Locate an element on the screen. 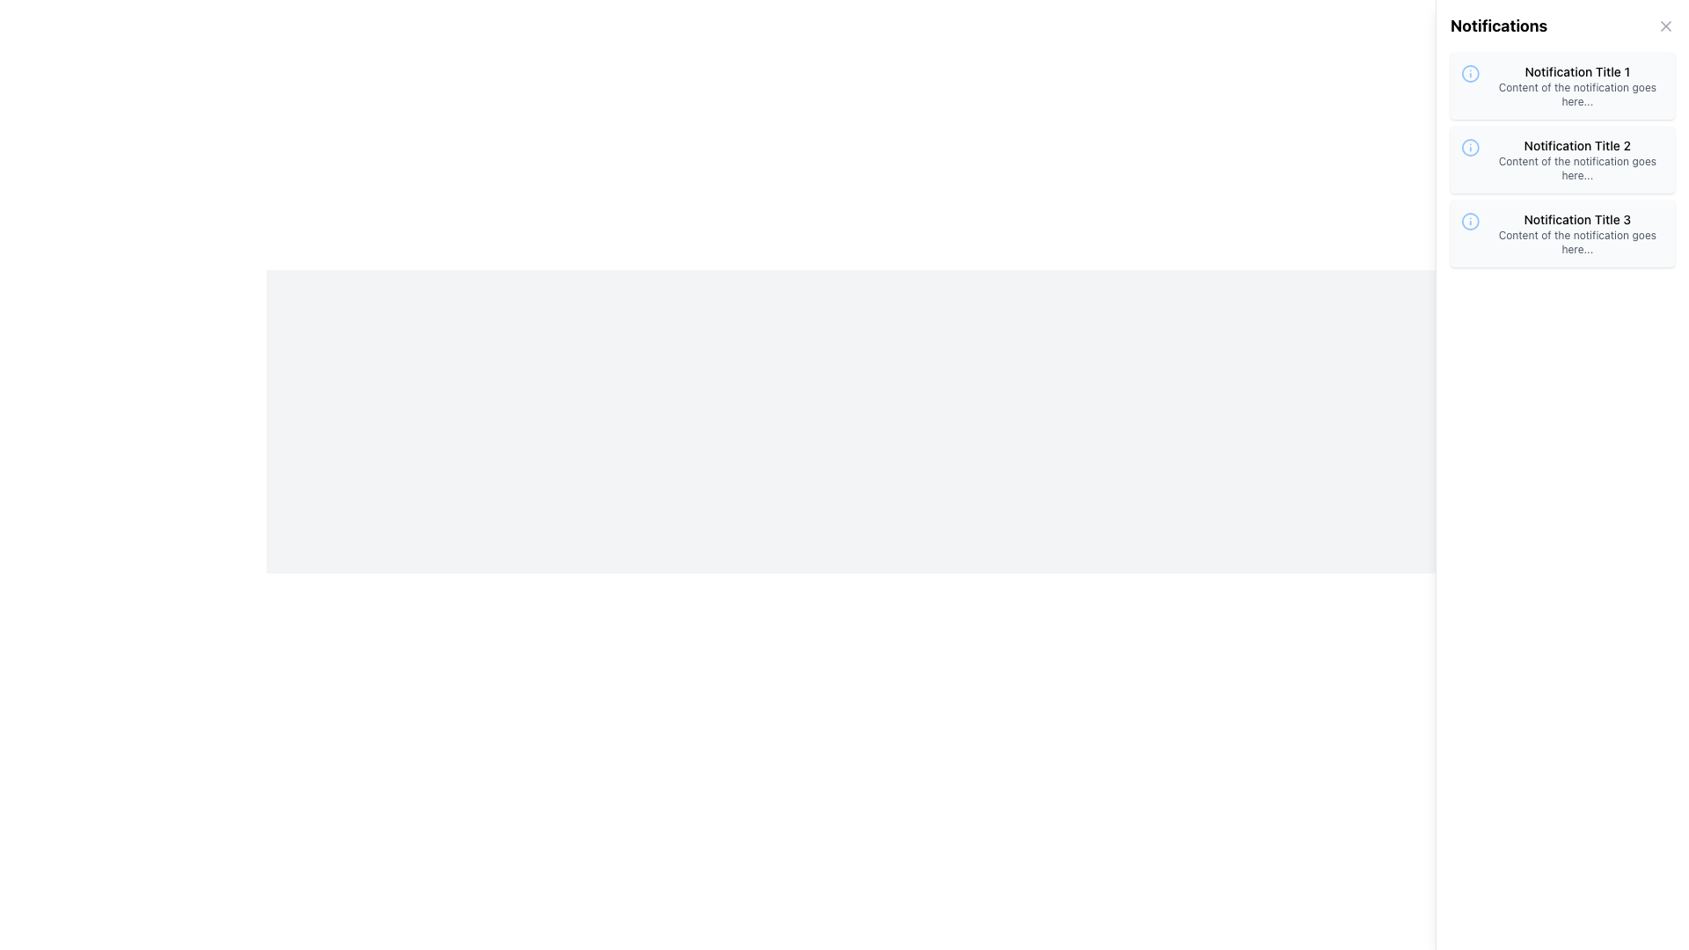 The width and height of the screenshot is (1689, 950). the circular information icon with a blue outline located at the top left corner of the first notification card is located at coordinates (1470, 73).